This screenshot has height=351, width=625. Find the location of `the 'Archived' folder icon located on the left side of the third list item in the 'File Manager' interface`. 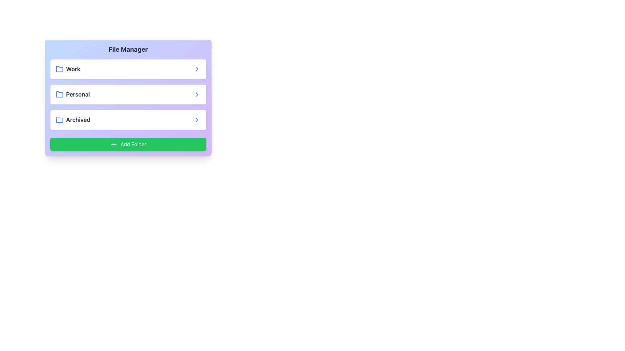

the 'Archived' folder icon located on the left side of the third list item in the 'File Manager' interface is located at coordinates (59, 119).